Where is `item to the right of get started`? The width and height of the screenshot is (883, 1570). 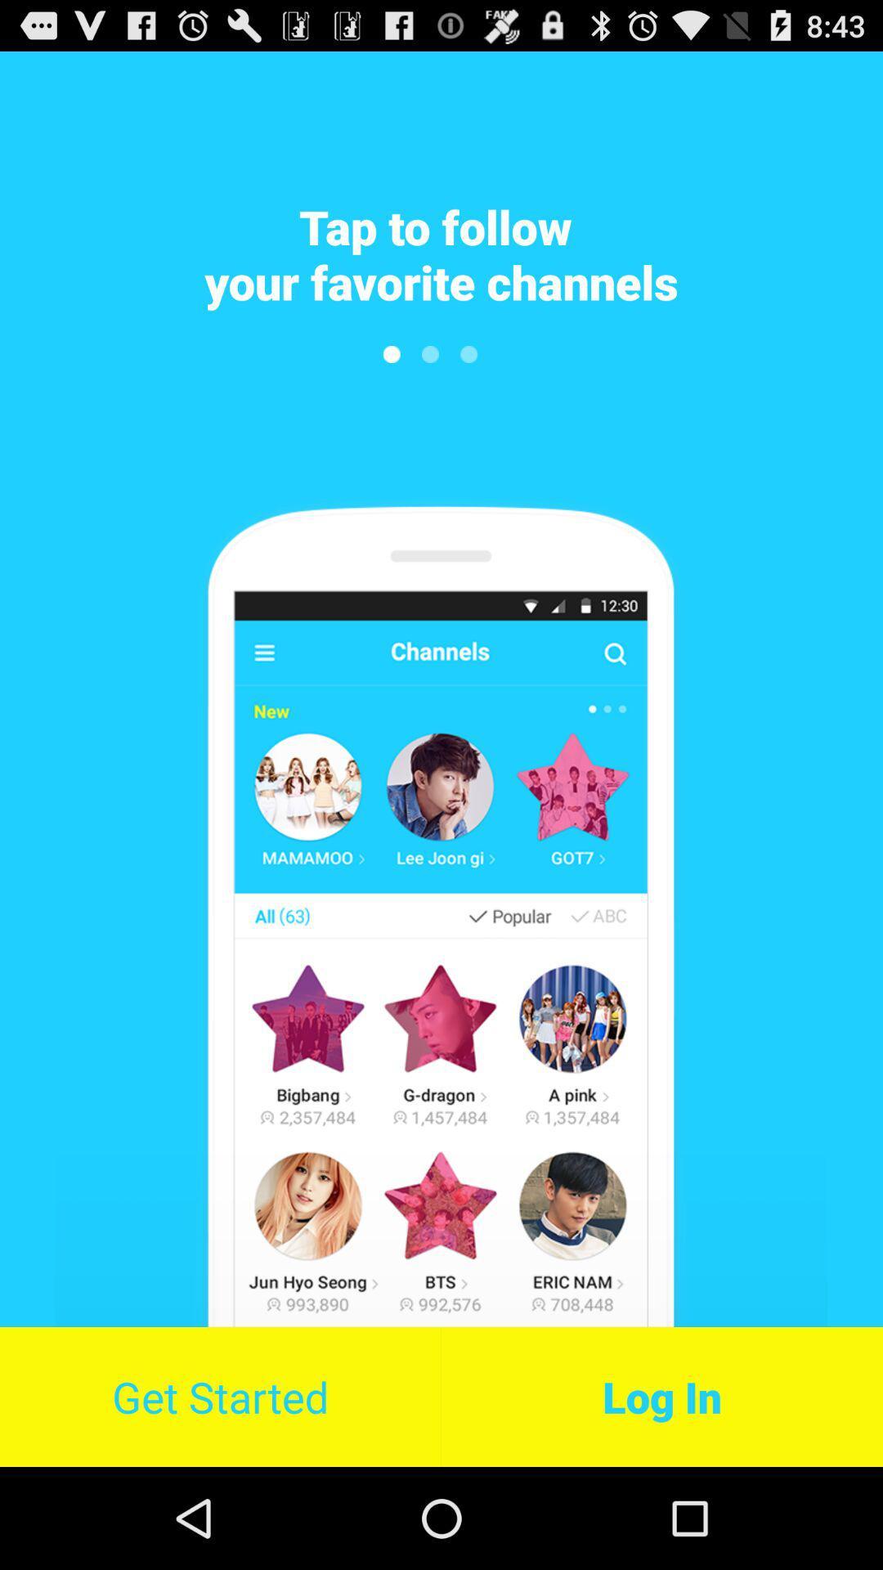
item to the right of get started is located at coordinates (662, 1396).